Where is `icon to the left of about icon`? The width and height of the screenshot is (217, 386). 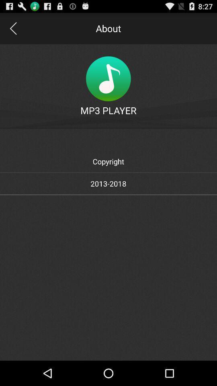
icon to the left of about icon is located at coordinates (12, 28).